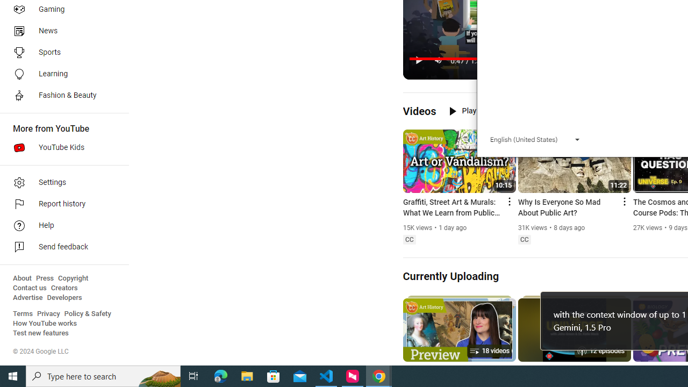  What do you see at coordinates (524, 239) in the screenshot?
I see `'Closed captions'` at bounding box center [524, 239].